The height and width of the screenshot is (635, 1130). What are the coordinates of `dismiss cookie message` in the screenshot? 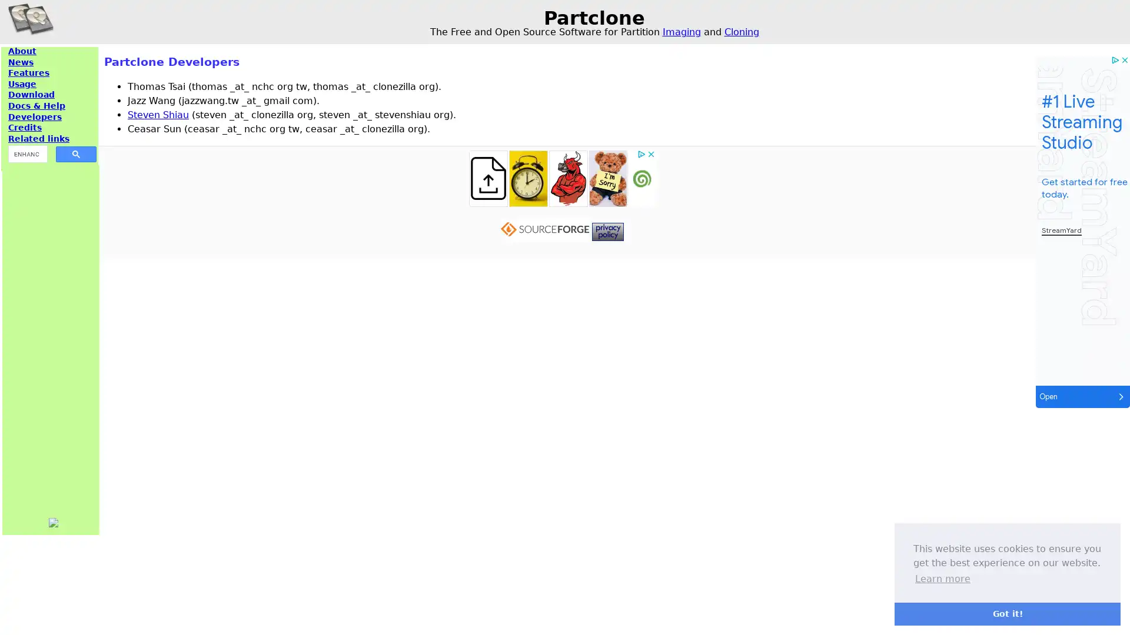 It's located at (1007, 613).